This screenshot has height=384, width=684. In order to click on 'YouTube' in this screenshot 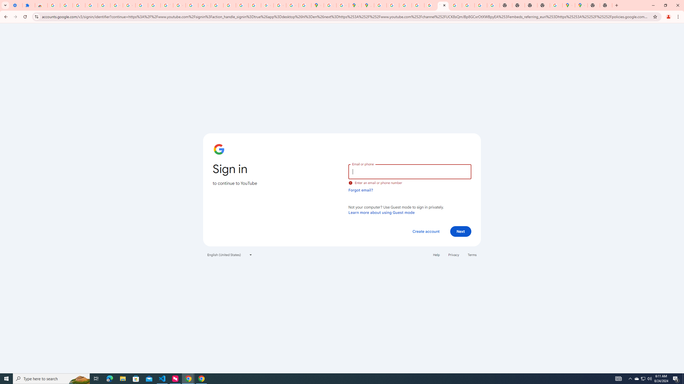, I will do `click(166, 5)`.